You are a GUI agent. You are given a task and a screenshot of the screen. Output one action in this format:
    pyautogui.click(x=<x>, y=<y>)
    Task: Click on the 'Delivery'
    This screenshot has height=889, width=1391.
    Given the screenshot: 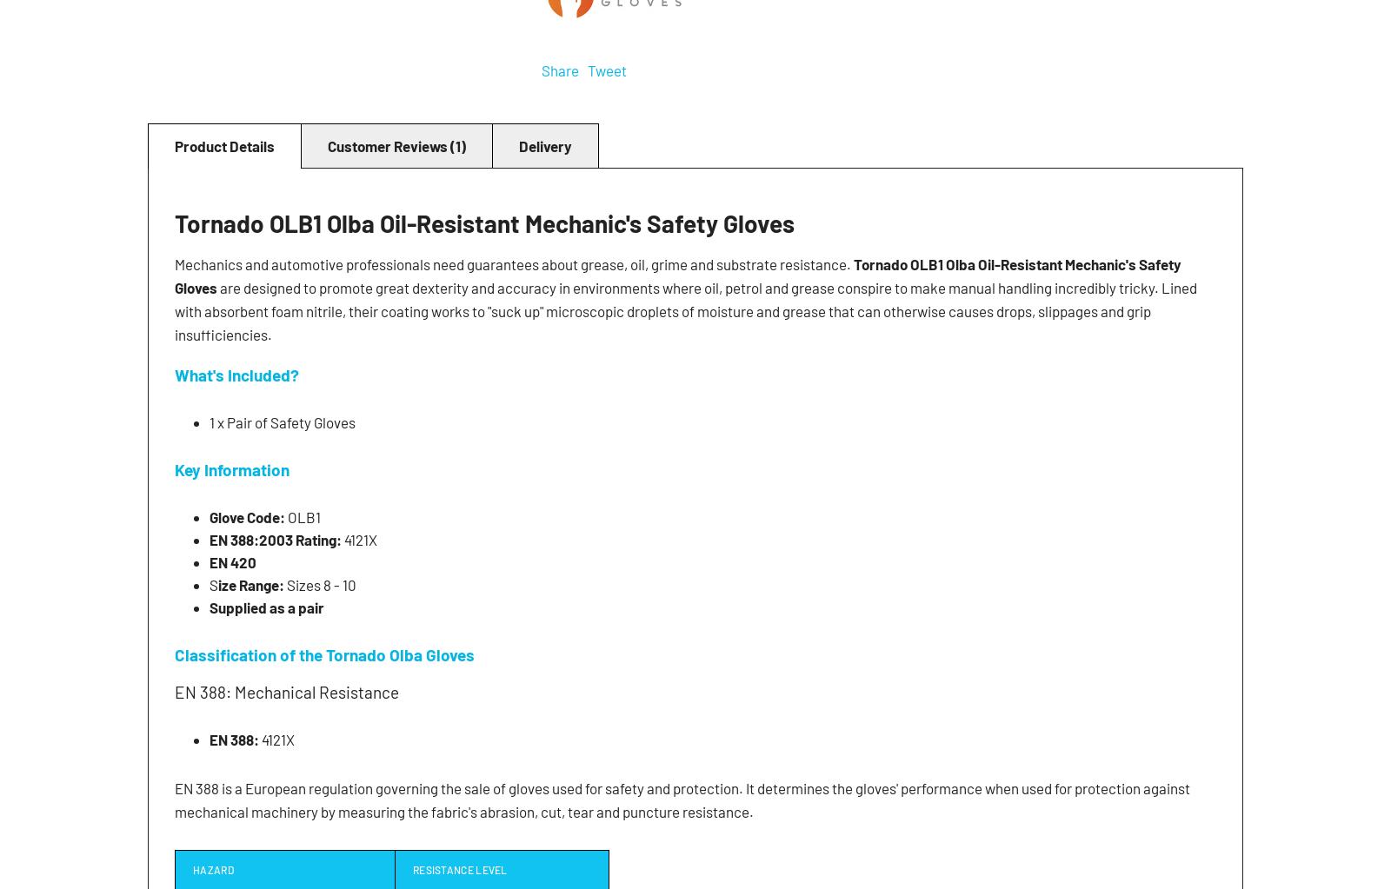 What is the action you would take?
    pyautogui.click(x=545, y=144)
    